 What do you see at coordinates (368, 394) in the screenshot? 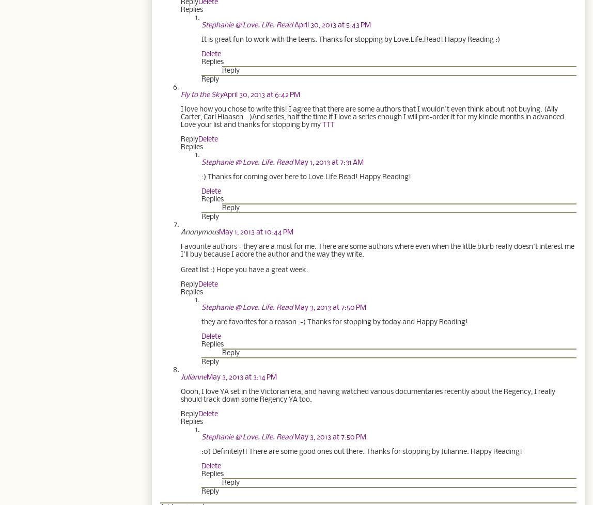
I see `'Oooh, I love YA set in the Victorian era, and having watched various documentaries recently about the Regency, I really should track down some Regency YA too.'` at bounding box center [368, 394].